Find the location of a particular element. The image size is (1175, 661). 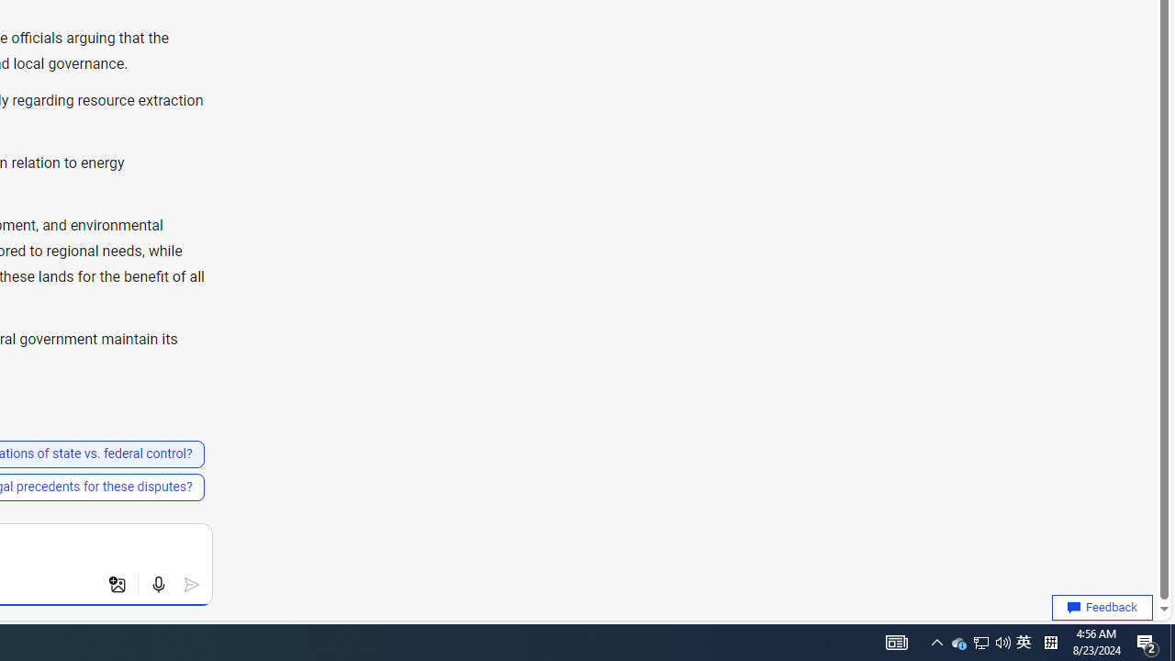

'Submit' is located at coordinates (191, 585).